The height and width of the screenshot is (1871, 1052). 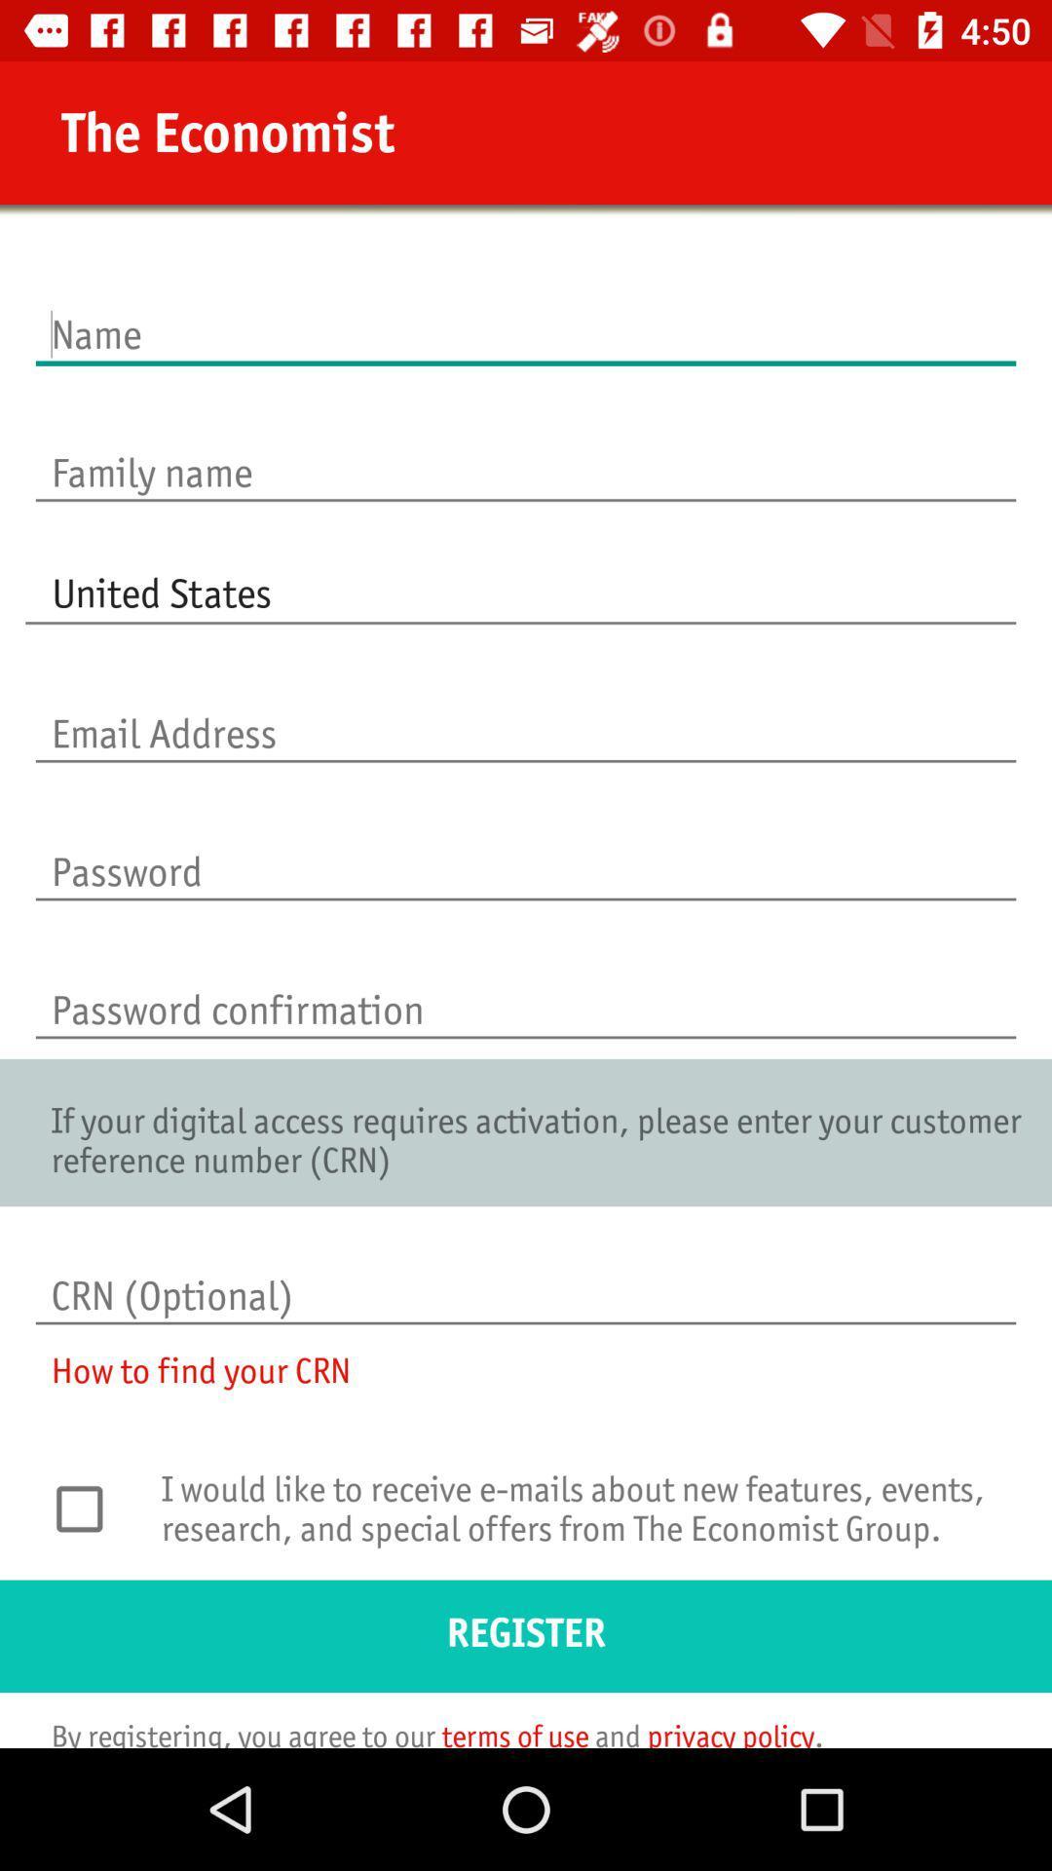 What do you see at coordinates (423, 1733) in the screenshot?
I see `the by registering you icon` at bounding box center [423, 1733].